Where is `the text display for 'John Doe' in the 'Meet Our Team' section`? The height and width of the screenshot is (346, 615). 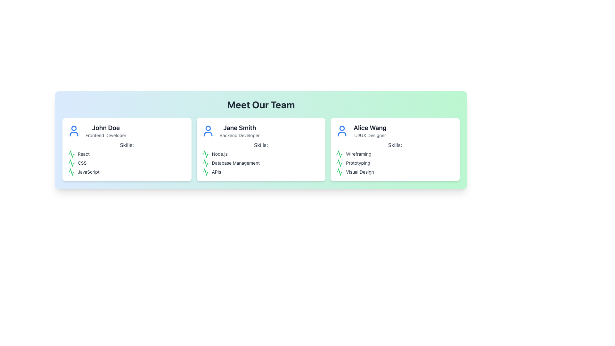 the text display for 'John Doe' in the 'Meet Our Team' section is located at coordinates (106, 130).